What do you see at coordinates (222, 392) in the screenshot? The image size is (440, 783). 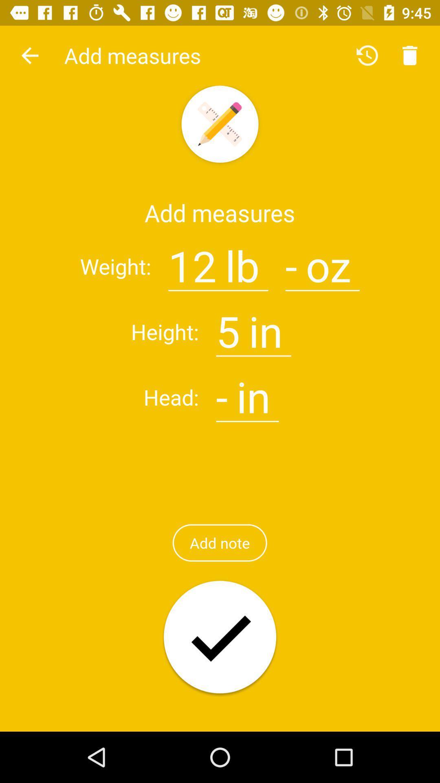 I see `minus symbol` at bounding box center [222, 392].